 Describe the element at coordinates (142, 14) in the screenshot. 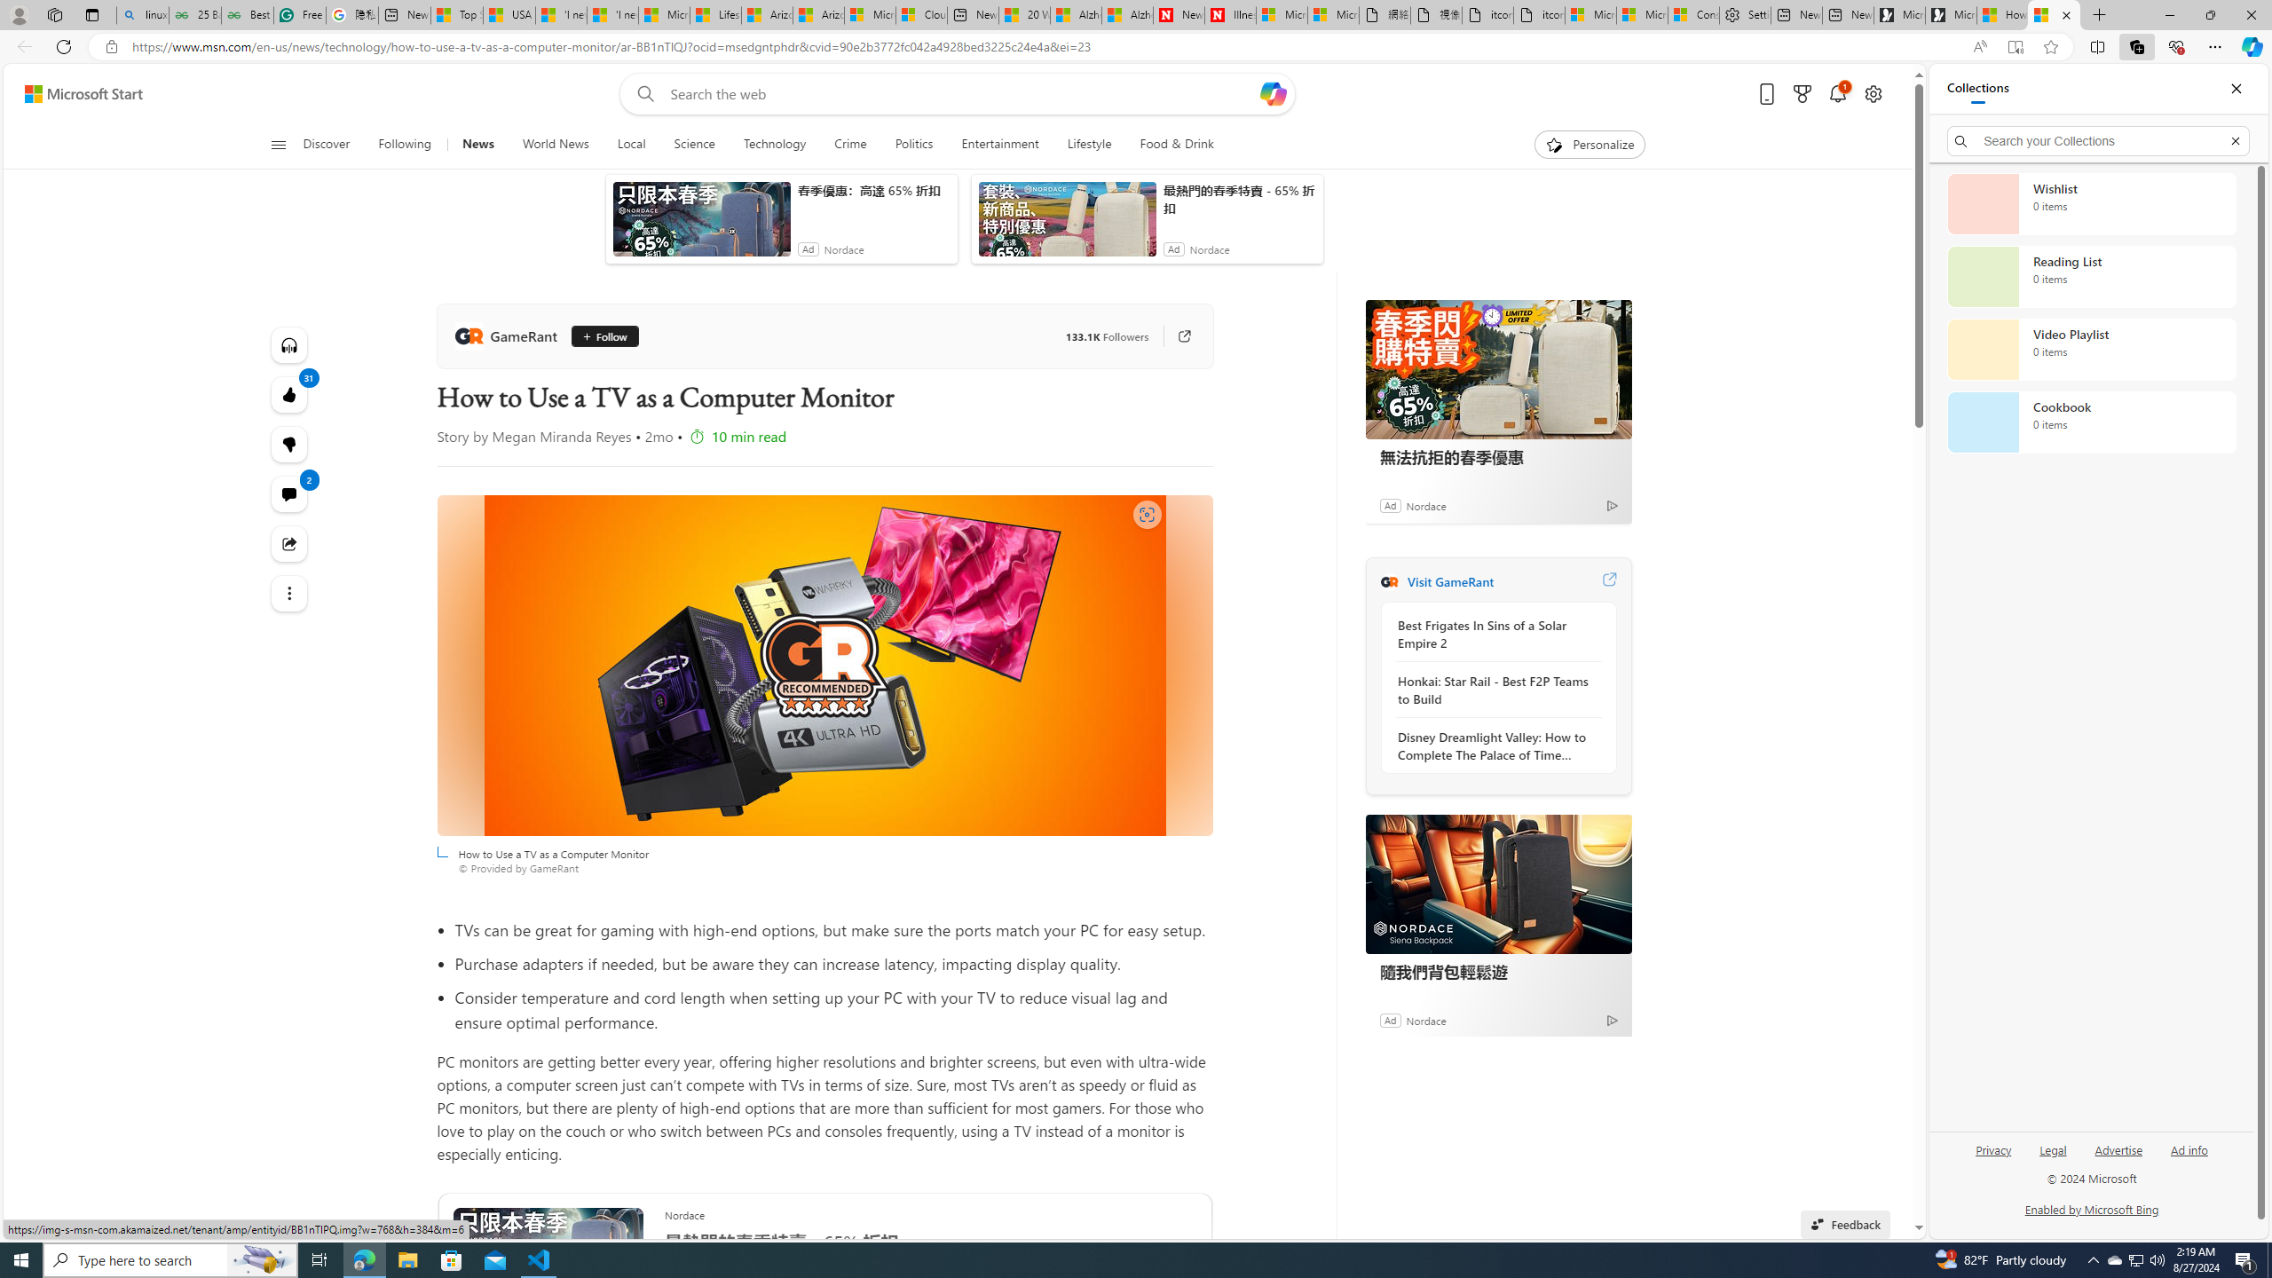

I see `'linux basic - Search'` at that location.